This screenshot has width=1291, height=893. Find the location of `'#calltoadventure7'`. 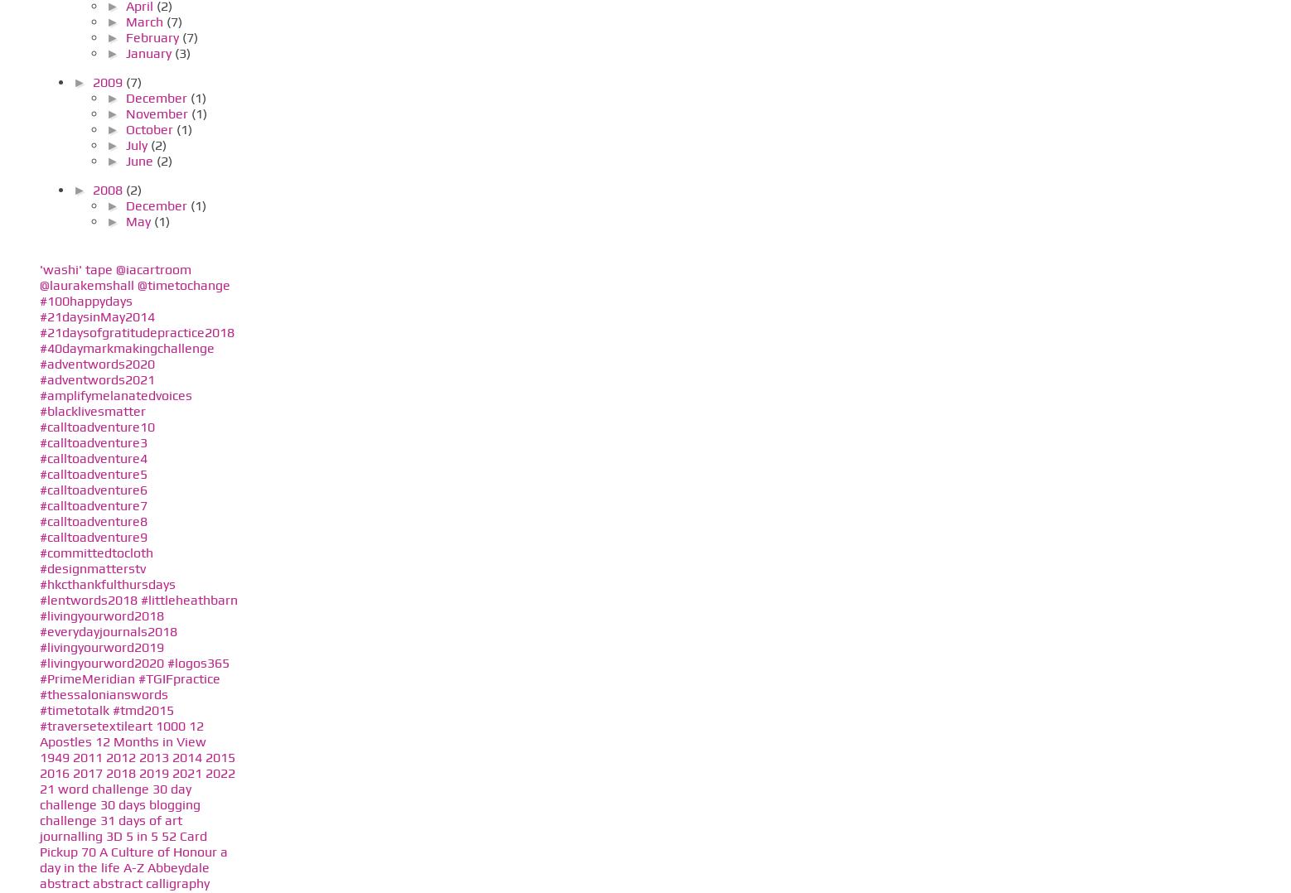

'#calltoadventure7' is located at coordinates (92, 504).